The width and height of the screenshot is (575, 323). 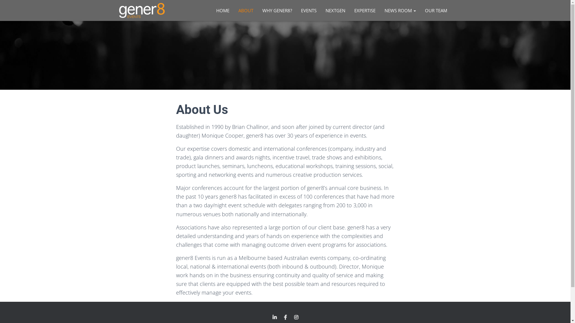 I want to click on 'HOME', so click(x=222, y=10).